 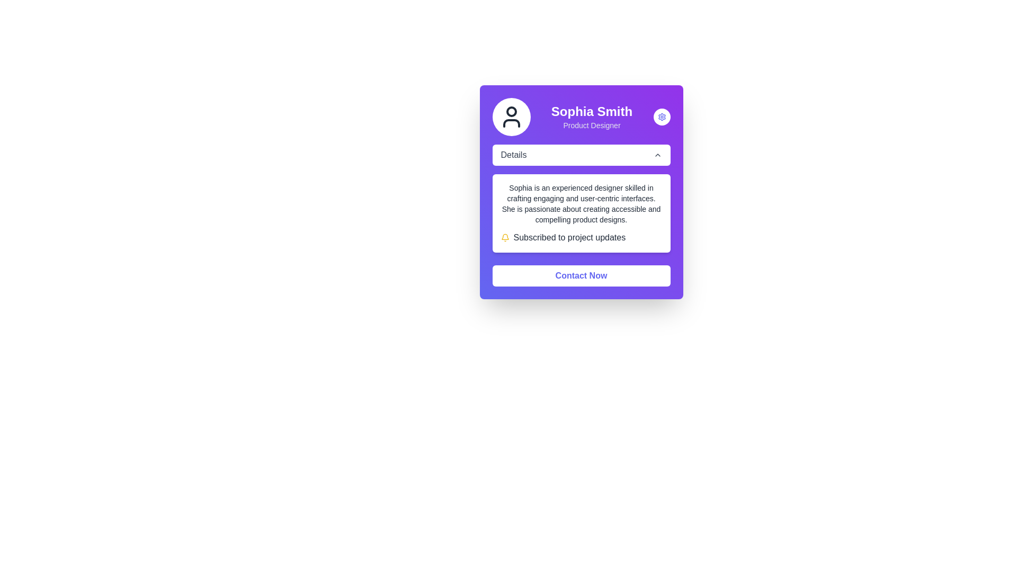 What do you see at coordinates (581, 275) in the screenshot?
I see `the 'Contact Now' button` at bounding box center [581, 275].